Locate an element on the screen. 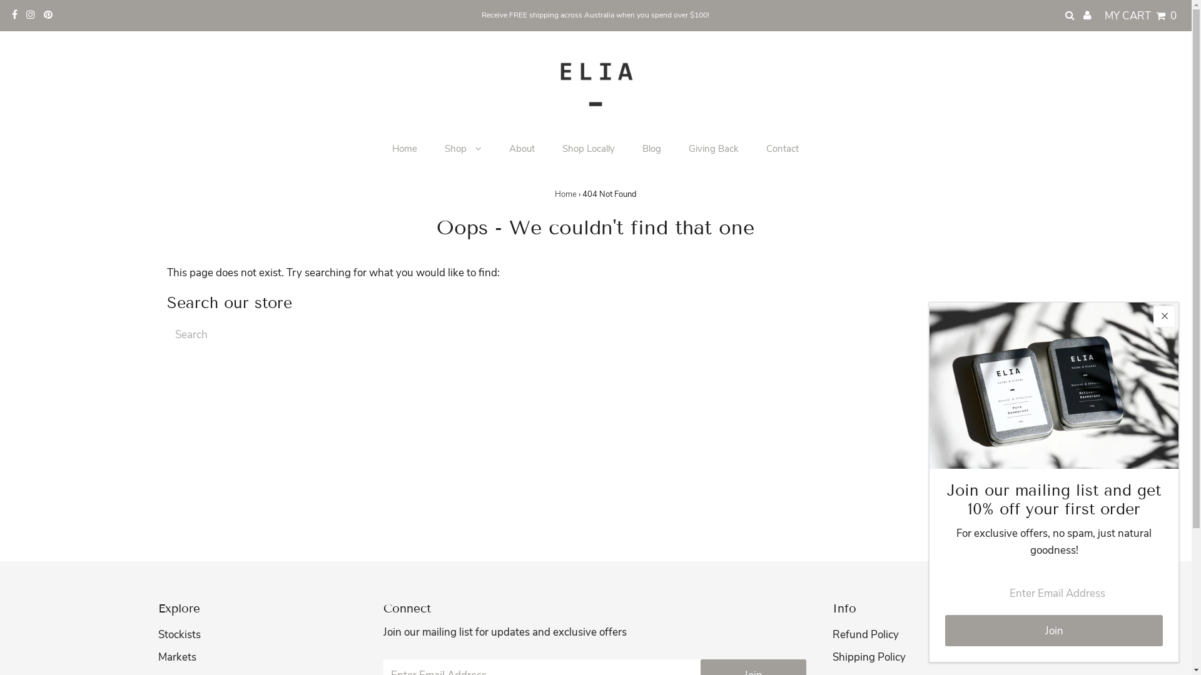 Image resolution: width=1201 pixels, height=675 pixels. 'Shop Locally' is located at coordinates (587, 148).